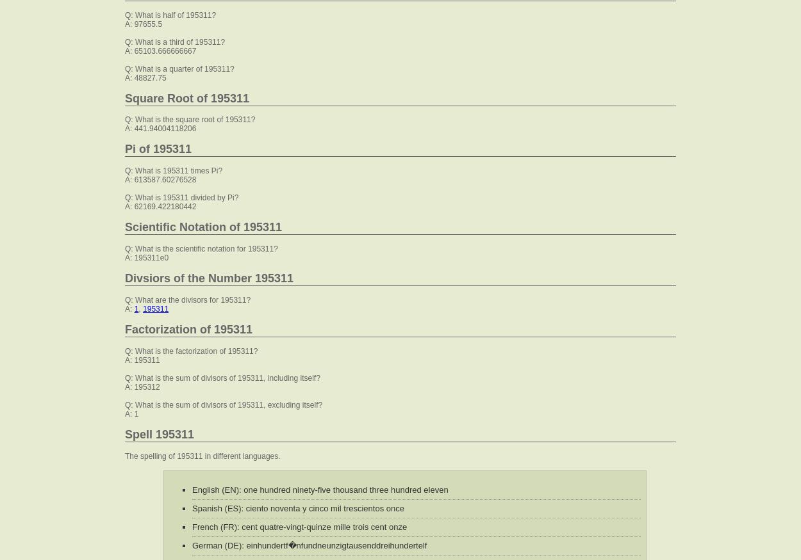  What do you see at coordinates (135, 309) in the screenshot?
I see `'1'` at bounding box center [135, 309].